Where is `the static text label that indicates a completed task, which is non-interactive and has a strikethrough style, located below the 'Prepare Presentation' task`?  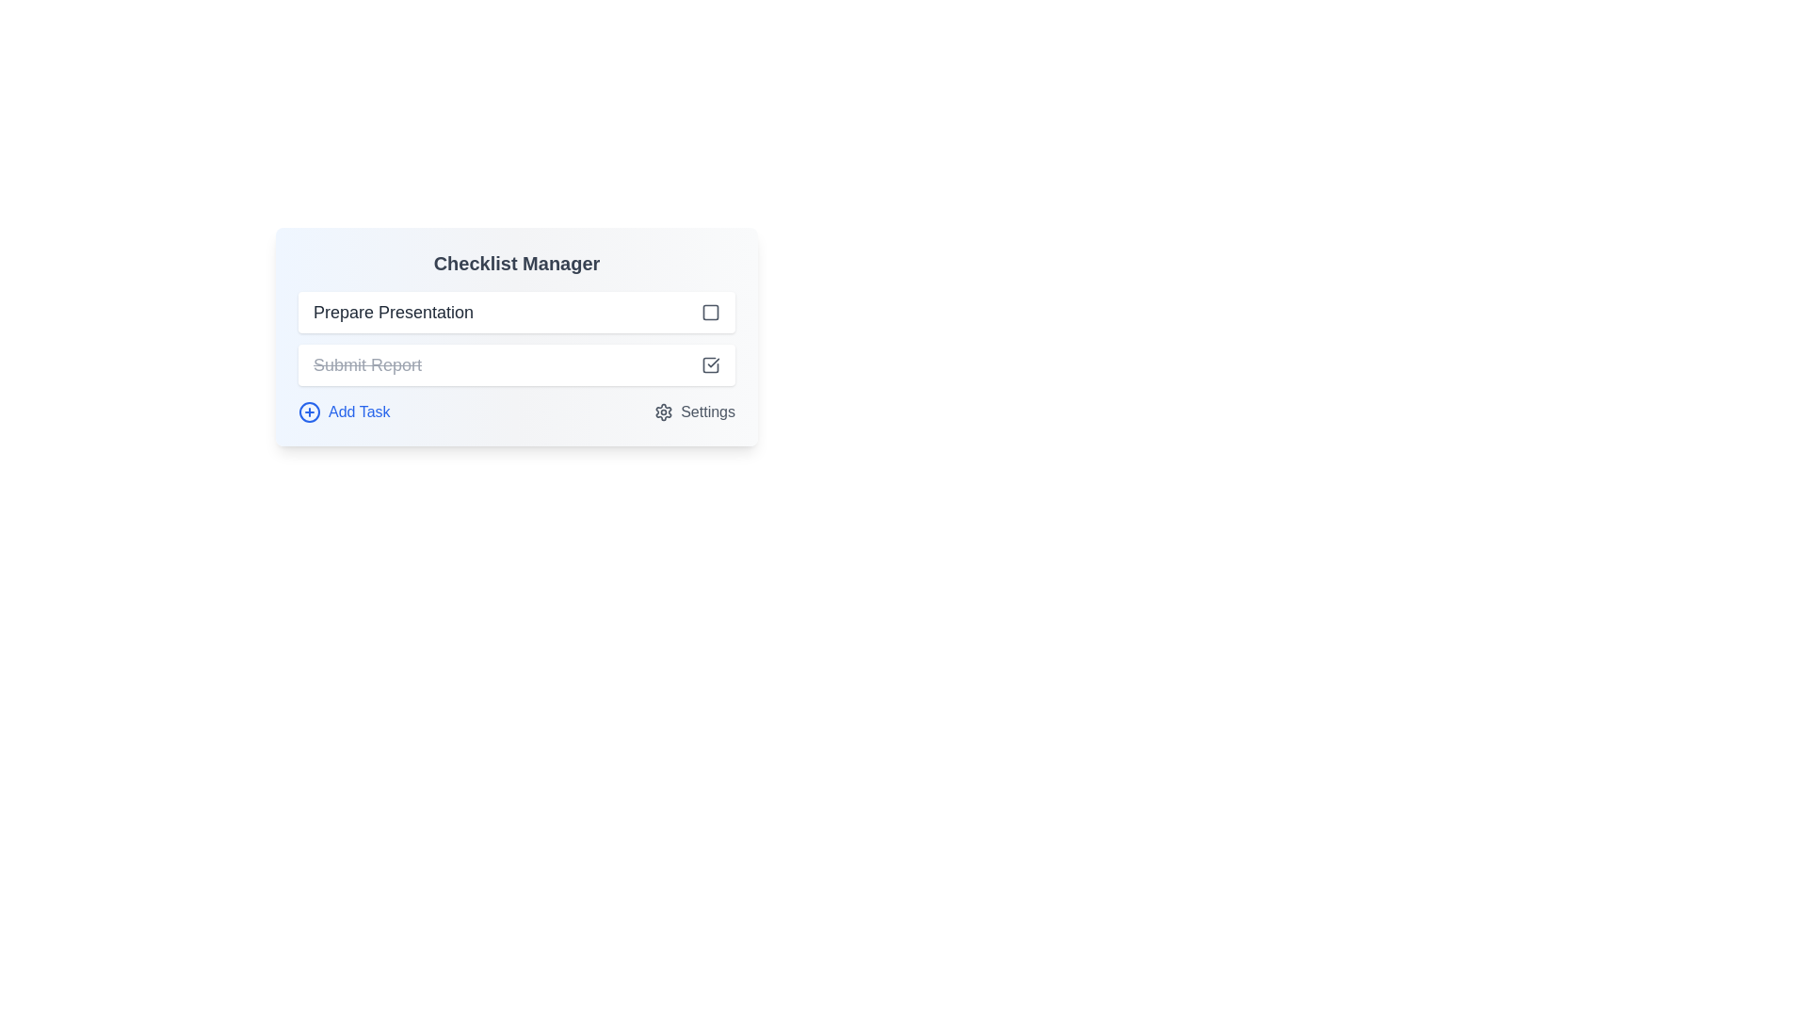
the static text label that indicates a completed task, which is non-interactive and has a strikethrough style, located below the 'Prepare Presentation' task is located at coordinates (367, 365).